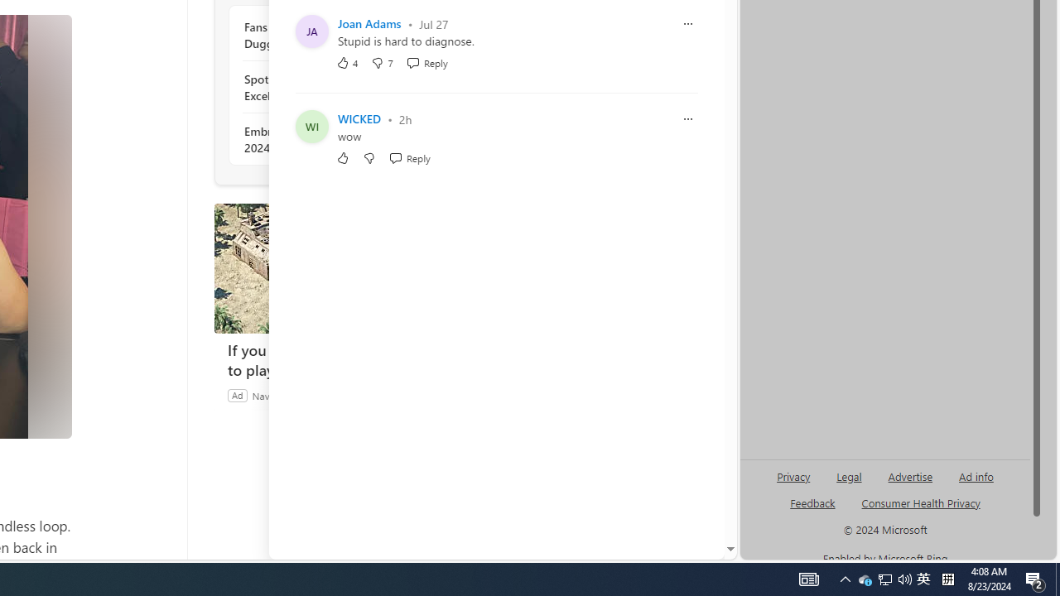 This screenshot has height=596, width=1060. What do you see at coordinates (369, 23) in the screenshot?
I see `'Joan Adams'` at bounding box center [369, 23].